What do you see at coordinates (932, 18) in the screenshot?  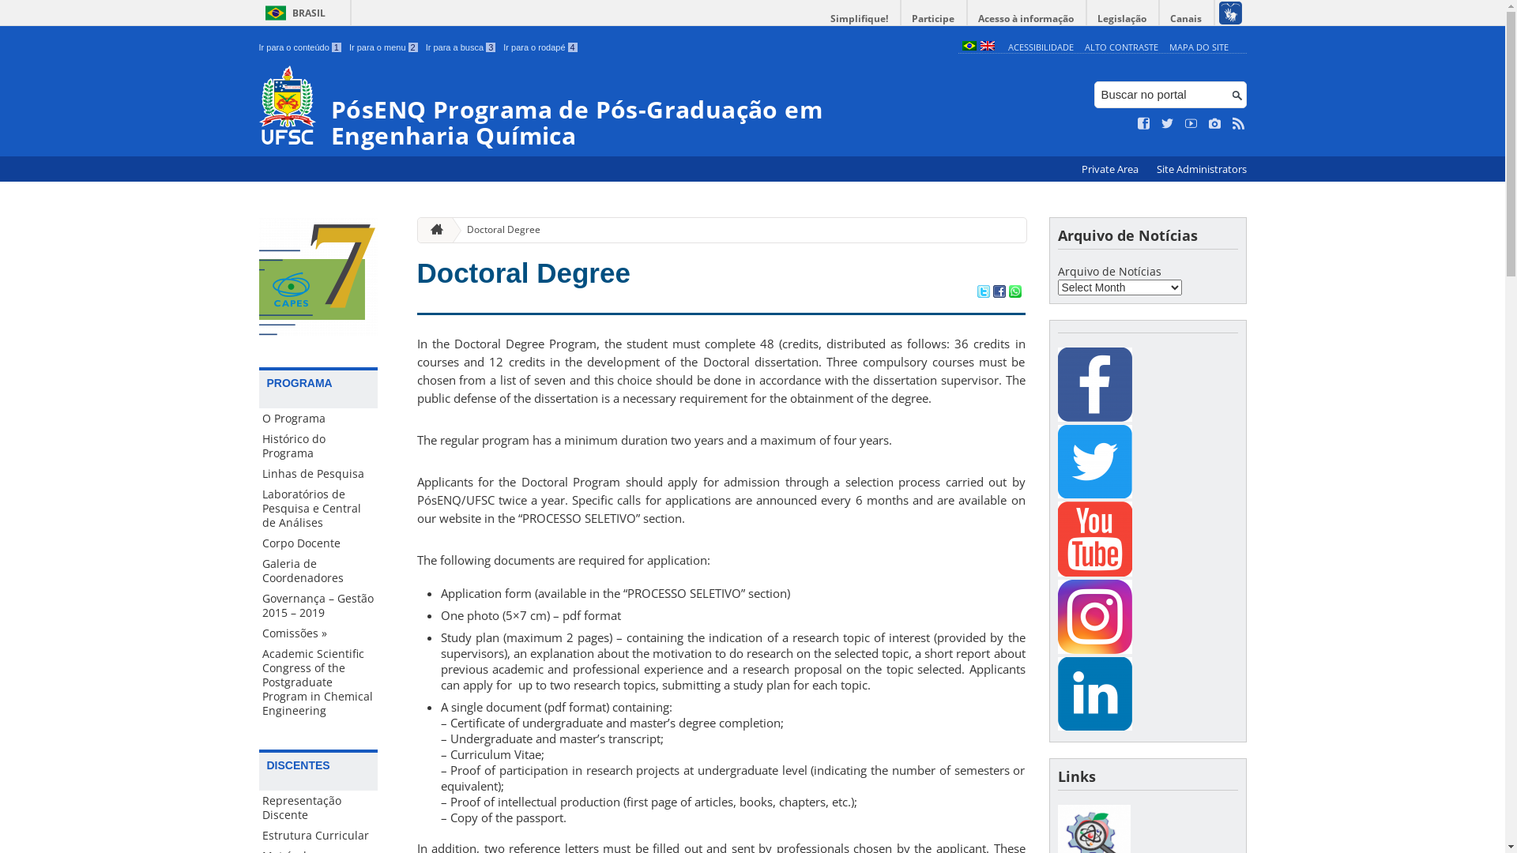 I see `'Participe'` at bounding box center [932, 18].